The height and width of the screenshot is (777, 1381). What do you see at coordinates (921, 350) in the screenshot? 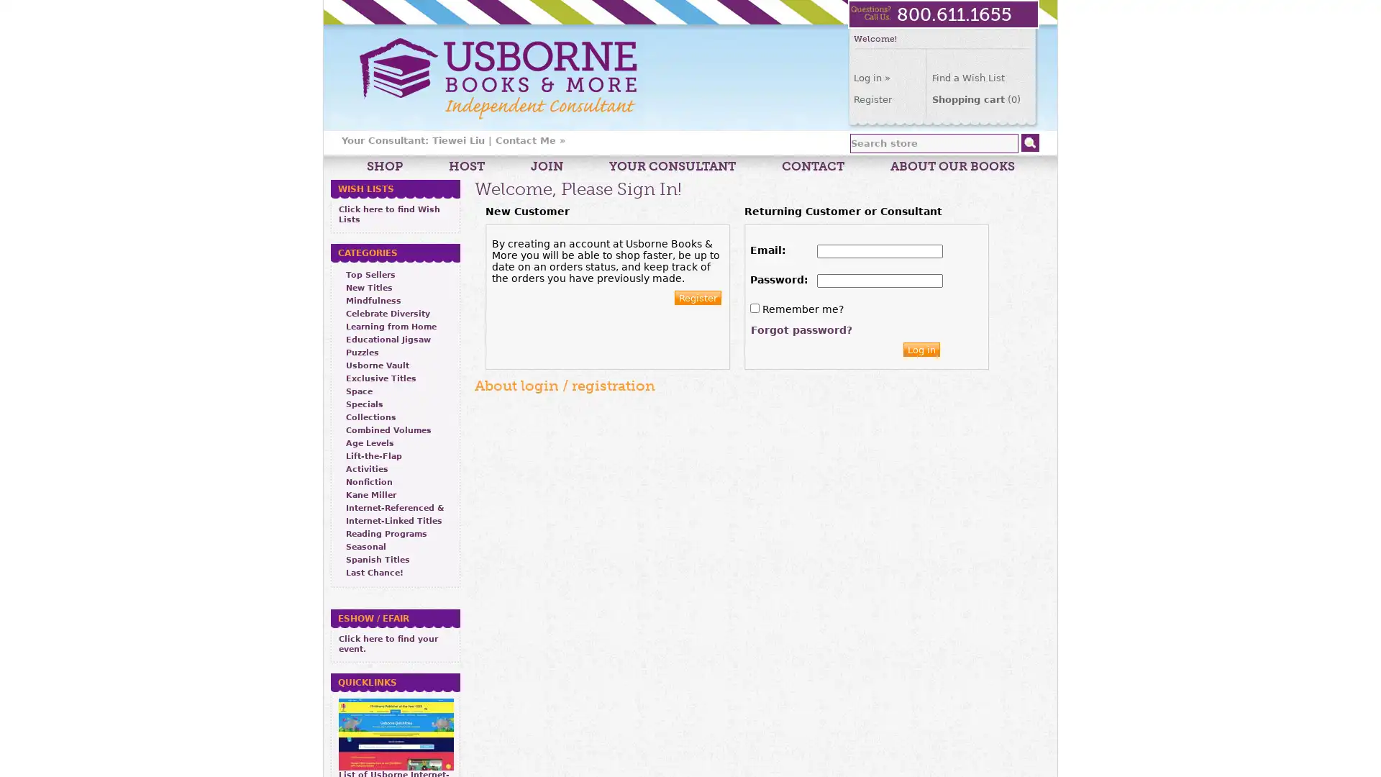
I see `Log in` at bounding box center [921, 350].